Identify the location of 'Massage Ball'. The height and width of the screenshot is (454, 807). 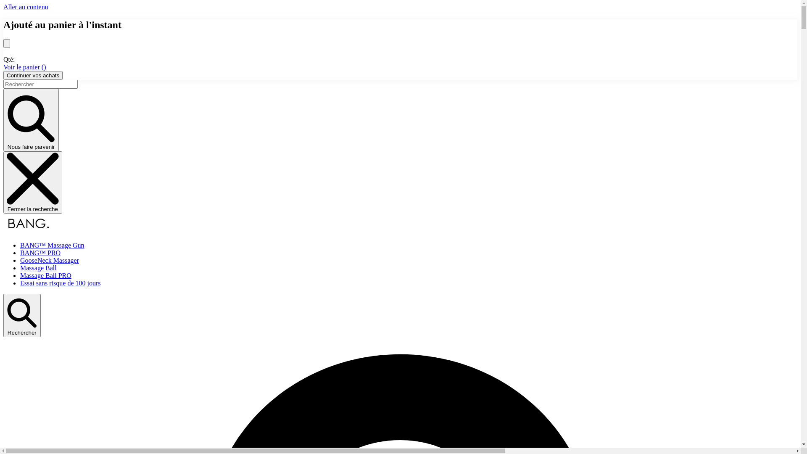
(38, 268).